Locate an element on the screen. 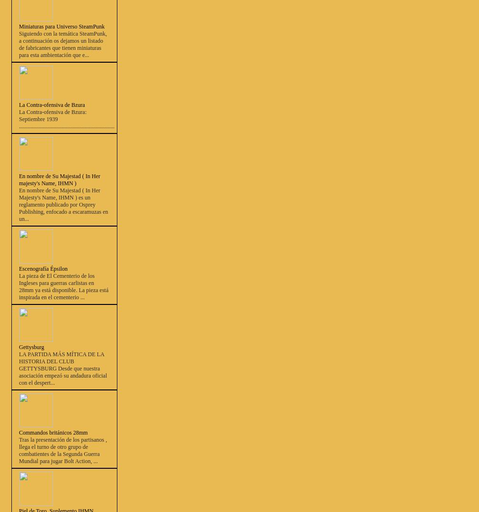 Image resolution: width=479 pixels, height=512 pixels. 'Escenografía Épsilon' is located at coordinates (43, 268).